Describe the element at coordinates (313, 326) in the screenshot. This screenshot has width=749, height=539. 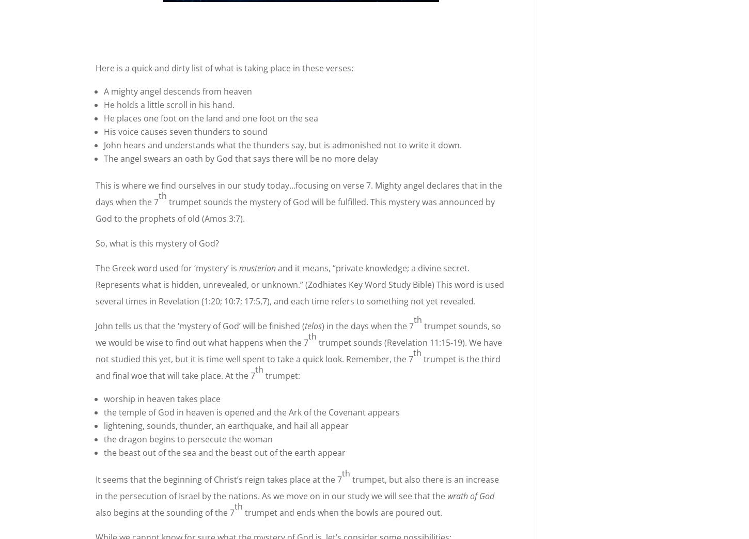
I see `'telos'` at that location.